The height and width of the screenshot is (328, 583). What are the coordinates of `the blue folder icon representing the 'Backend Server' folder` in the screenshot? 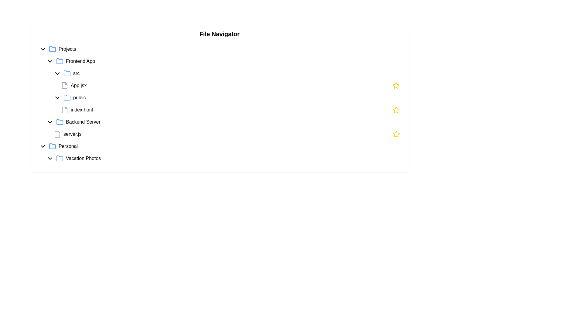 It's located at (60, 122).